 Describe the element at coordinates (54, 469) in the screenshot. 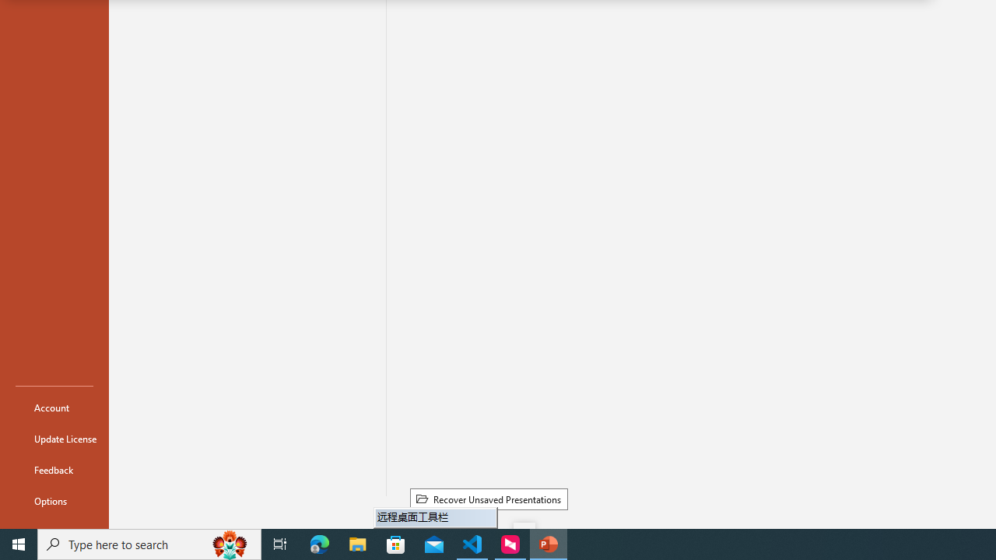

I see `'Feedback'` at that location.